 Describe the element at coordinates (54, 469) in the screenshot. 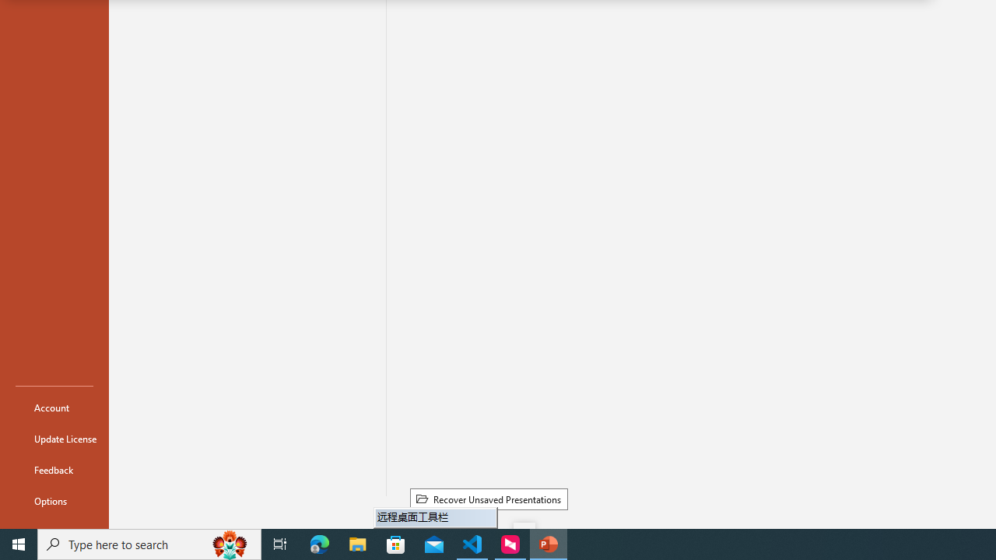

I see `'Feedback'` at that location.